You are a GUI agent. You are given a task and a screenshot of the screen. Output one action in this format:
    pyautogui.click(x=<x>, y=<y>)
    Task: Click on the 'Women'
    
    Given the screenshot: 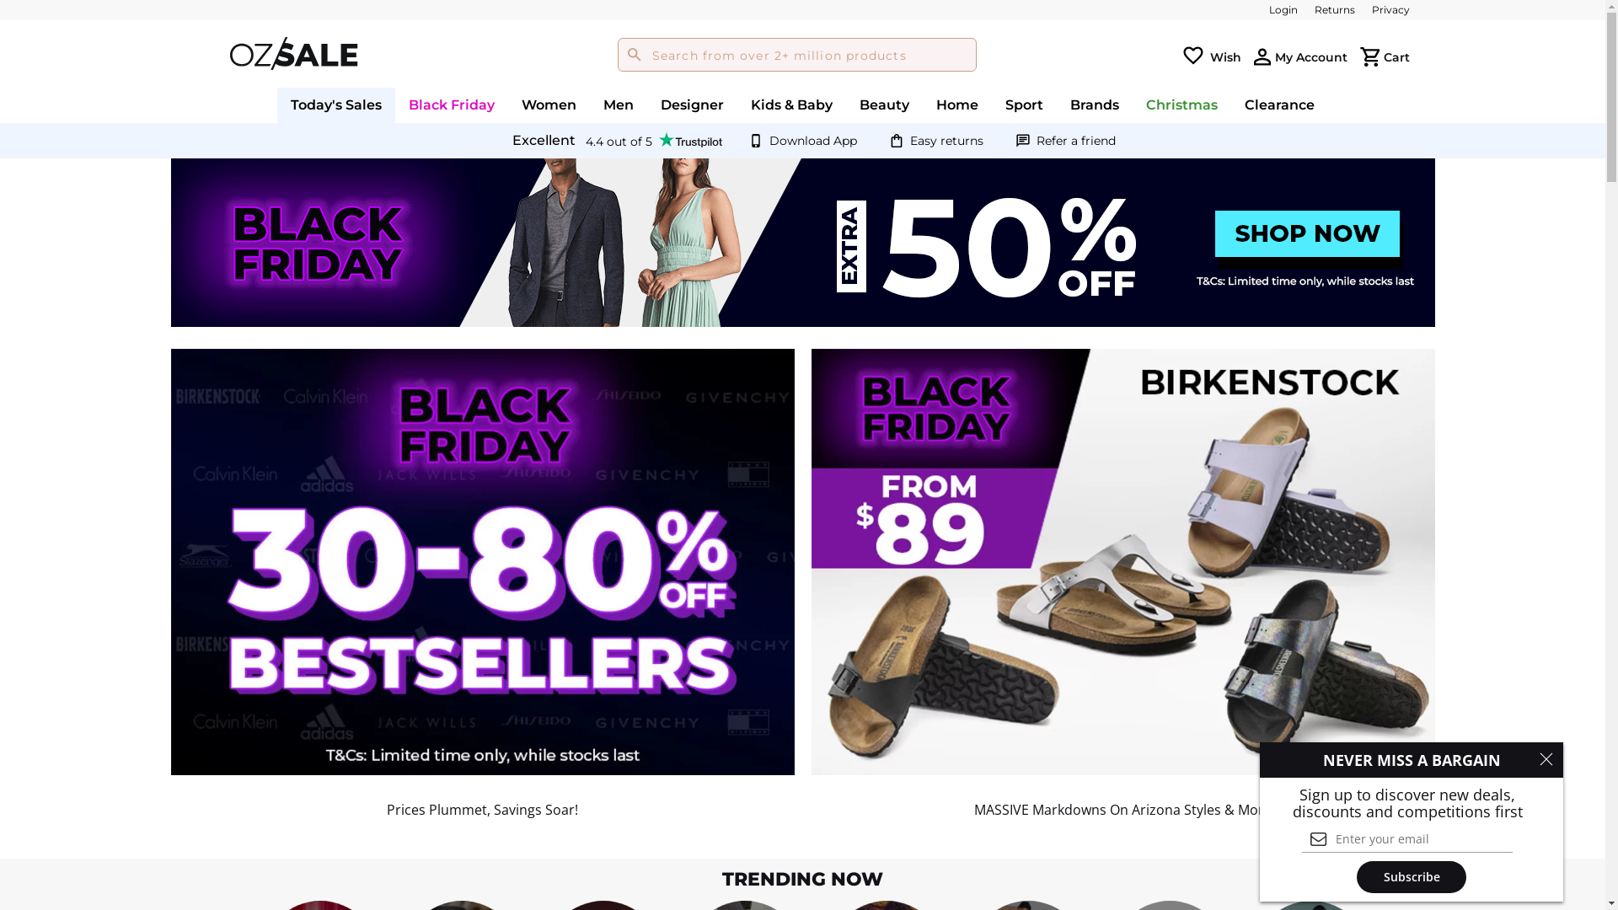 What is the action you would take?
    pyautogui.click(x=549, y=104)
    